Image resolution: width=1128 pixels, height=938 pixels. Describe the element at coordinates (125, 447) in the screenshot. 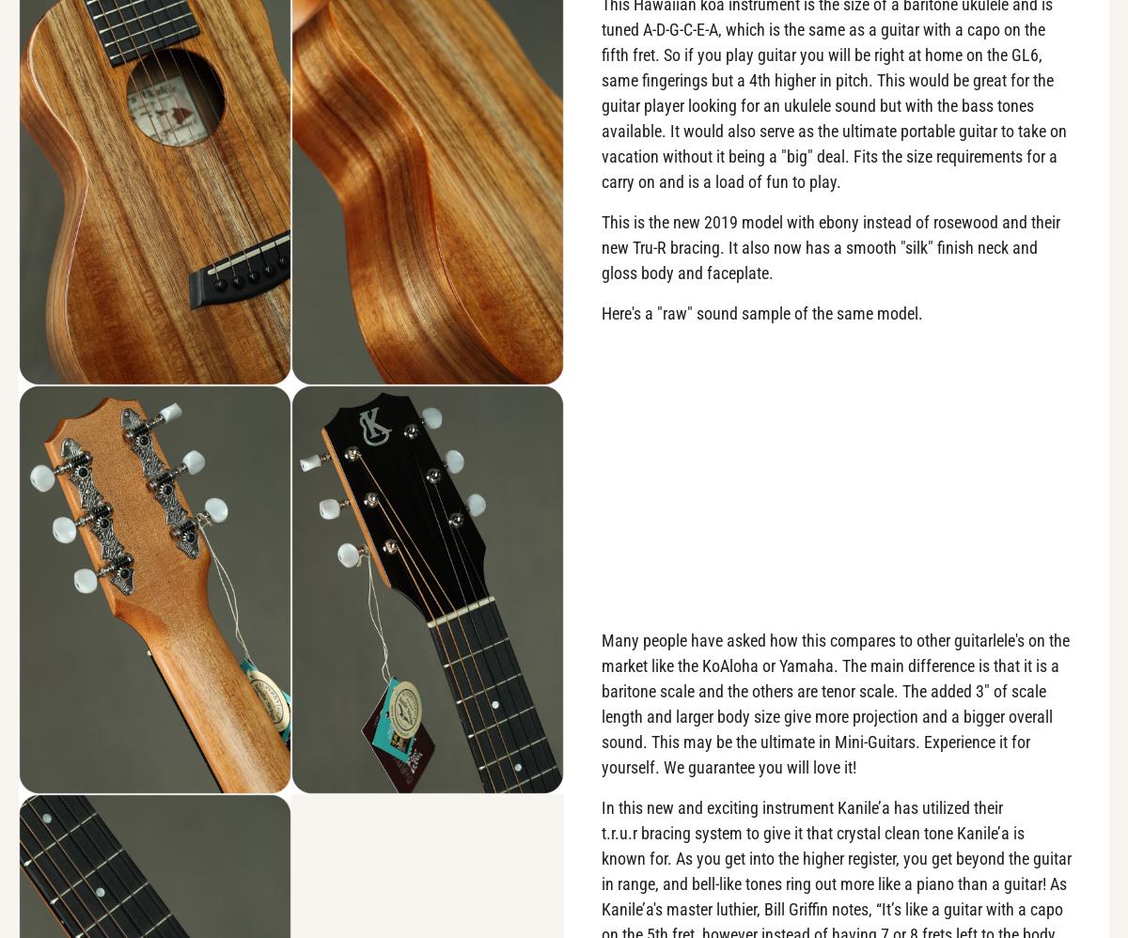

I see `'-Overall QC evaluation:'` at that location.